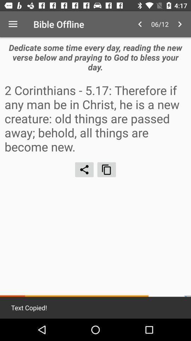 Image resolution: width=191 pixels, height=341 pixels. What do you see at coordinates (140, 24) in the screenshot?
I see `the item above dedicate some time icon` at bounding box center [140, 24].